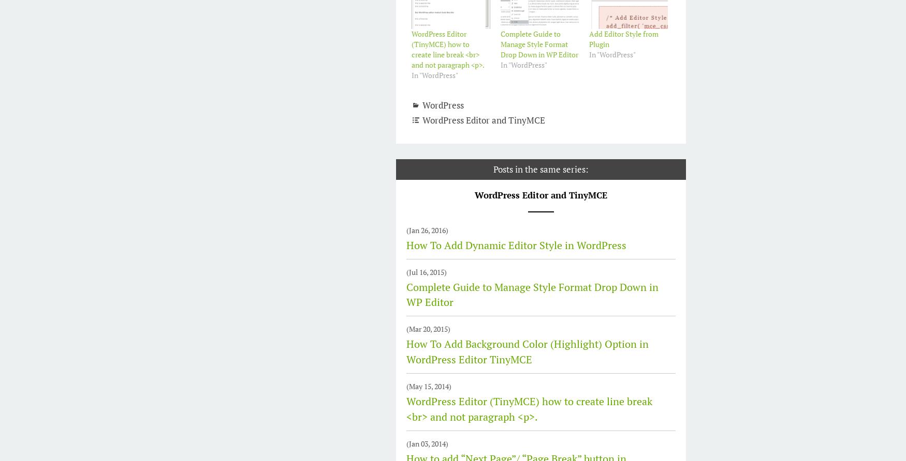 This screenshot has width=906, height=461. What do you see at coordinates (516, 244) in the screenshot?
I see `'How To Add Dynamic Editor Style in WordPress'` at bounding box center [516, 244].